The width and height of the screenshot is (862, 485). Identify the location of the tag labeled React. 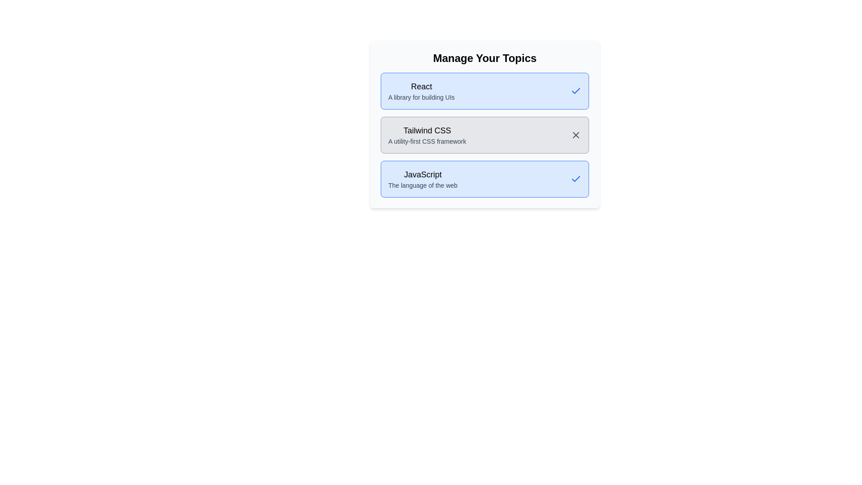
(484, 91).